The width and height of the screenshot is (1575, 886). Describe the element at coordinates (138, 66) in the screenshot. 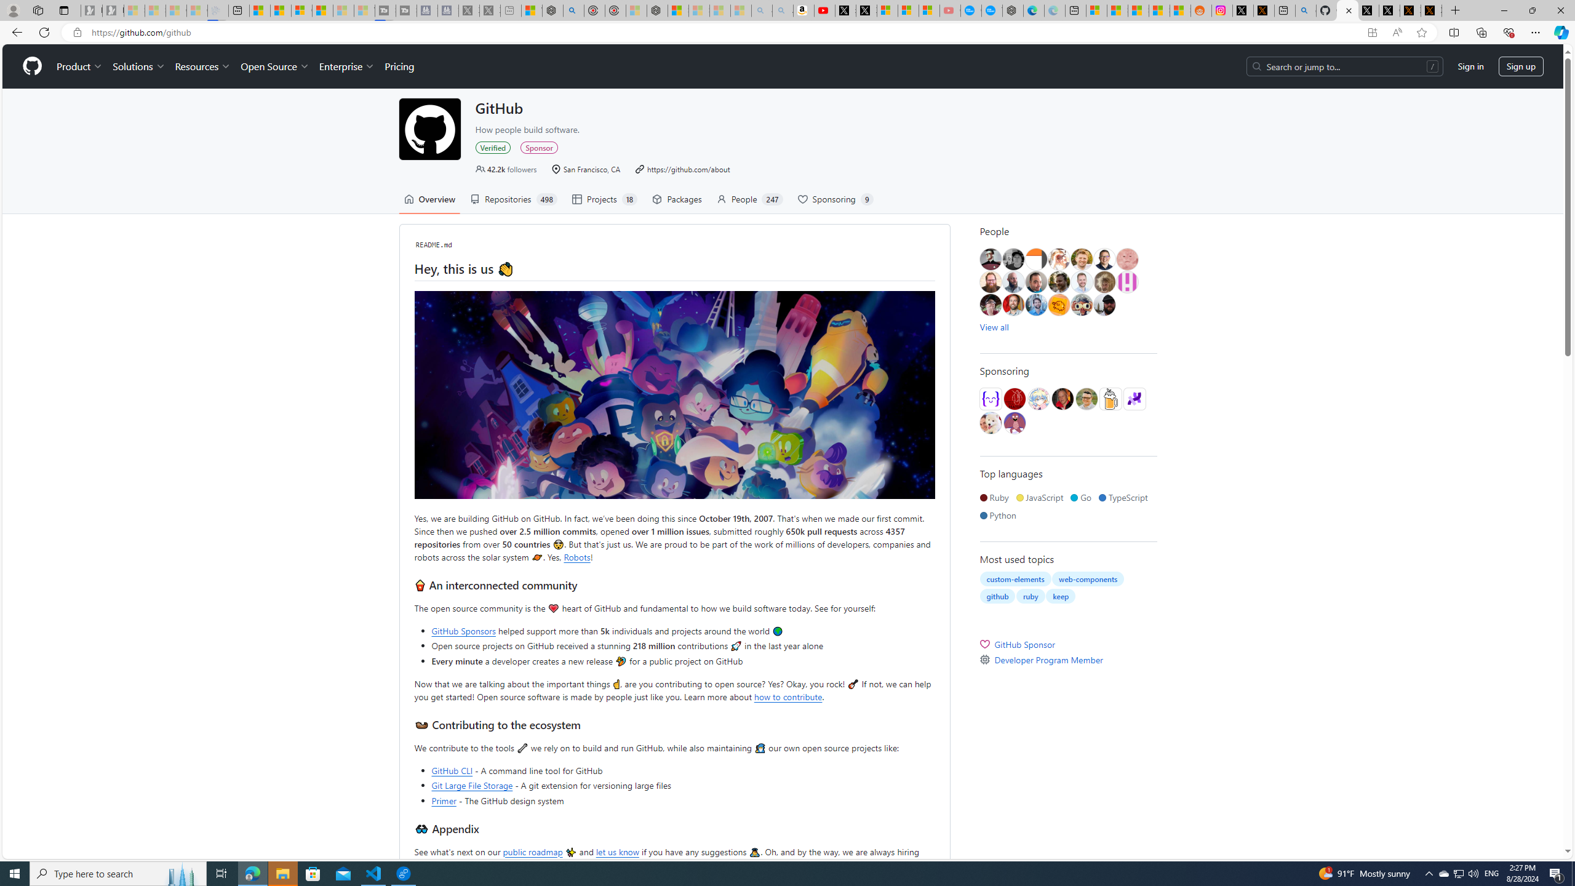

I see `'Solutions'` at that location.